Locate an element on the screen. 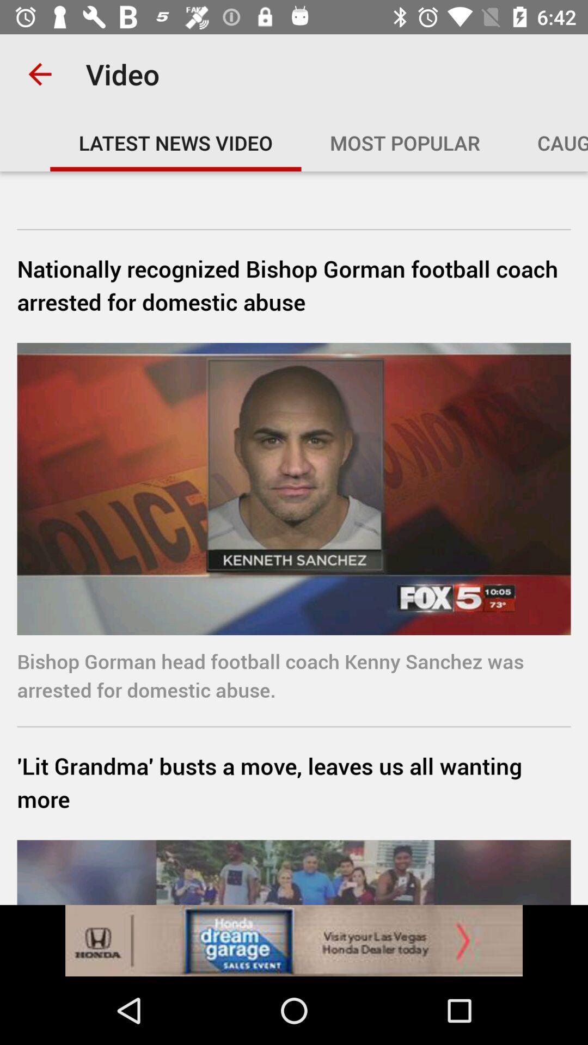 The image size is (588, 1045). advertisement adding button is located at coordinates (294, 940).